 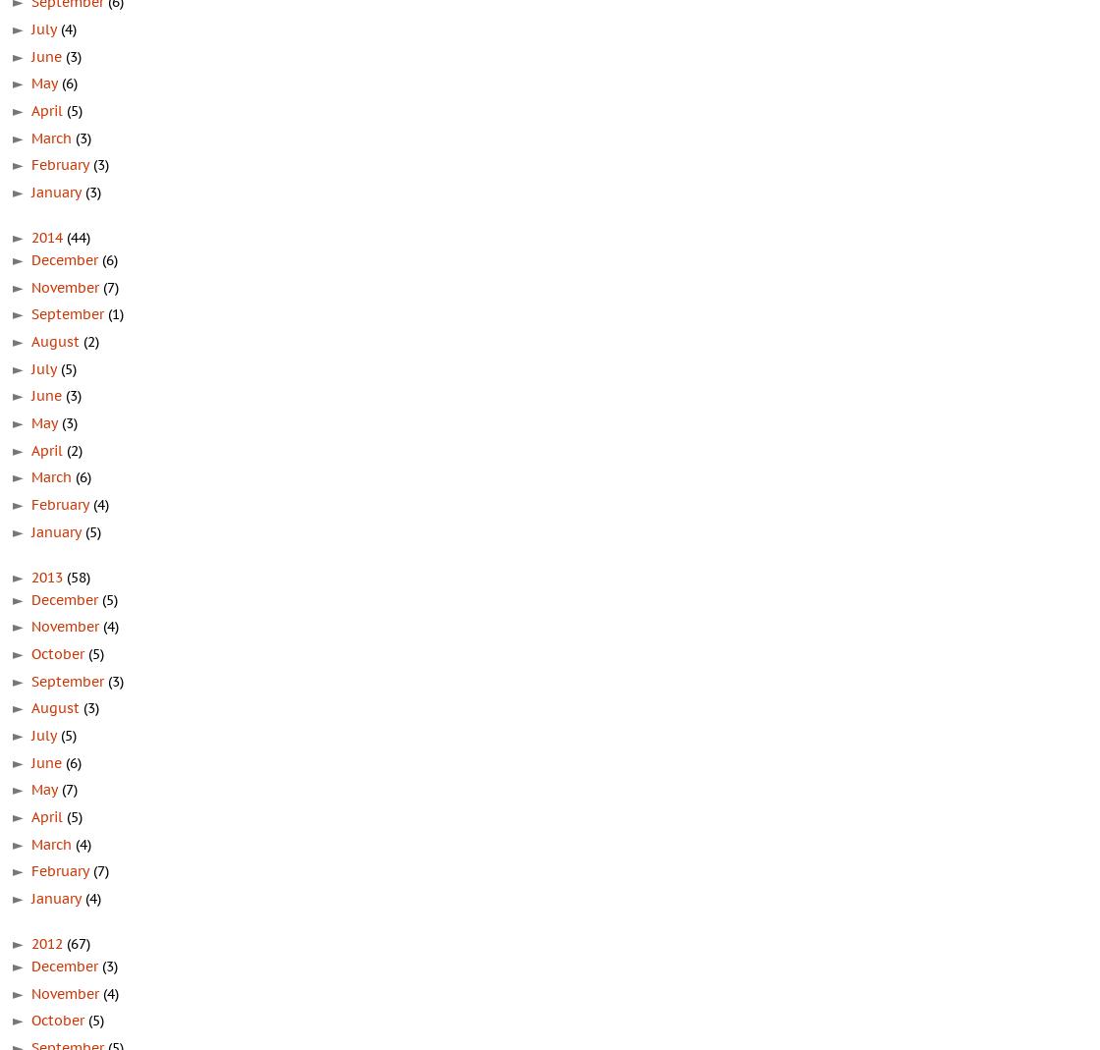 I want to click on '2012', so click(x=48, y=943).